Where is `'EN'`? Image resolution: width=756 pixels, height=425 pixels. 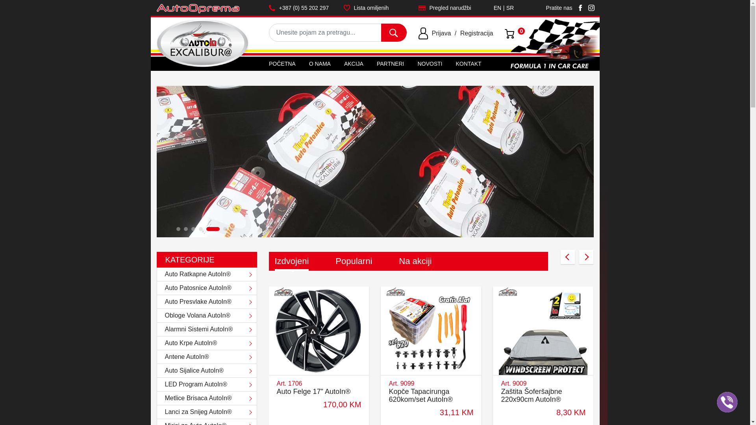
'EN' is located at coordinates (497, 11).